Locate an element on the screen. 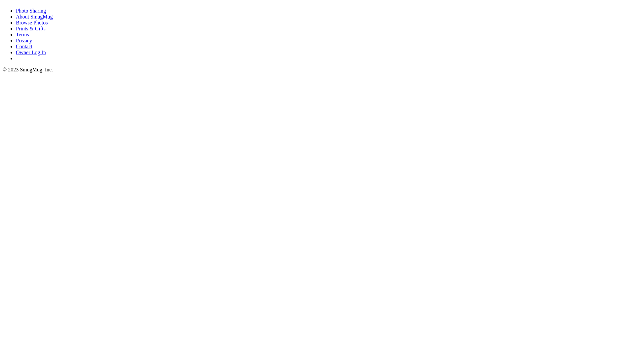 The height and width of the screenshot is (357, 635). 'Privacy' is located at coordinates (16, 40).